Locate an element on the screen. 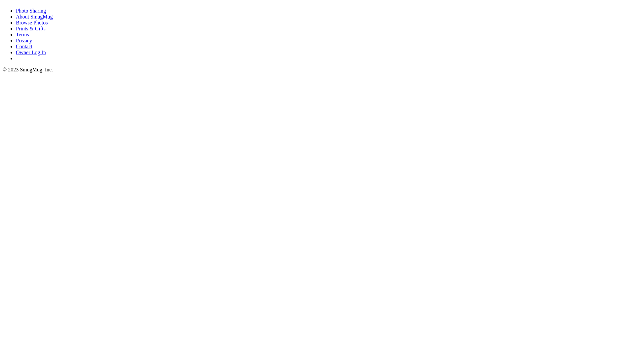 The height and width of the screenshot is (357, 635). 'Privacy' is located at coordinates (16, 40).